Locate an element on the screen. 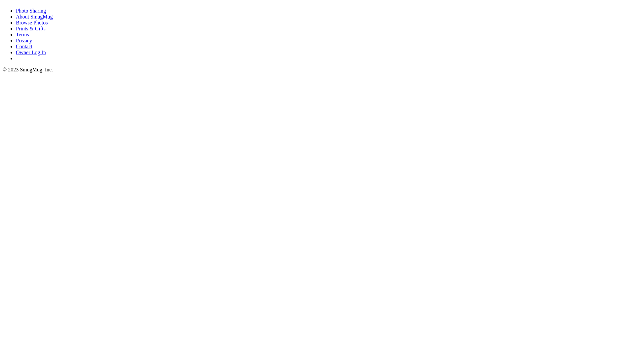 The height and width of the screenshot is (357, 635). 'Privacy' is located at coordinates (16, 40).